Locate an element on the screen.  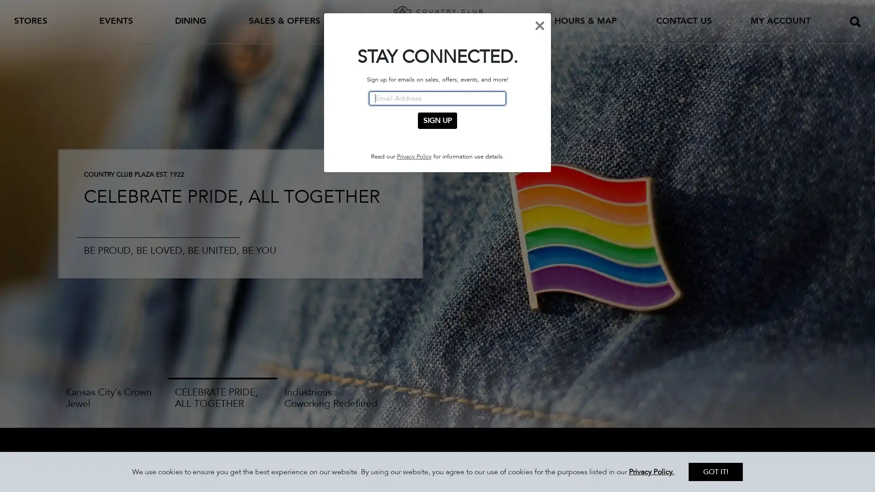
SIGN UP is located at coordinates (437, 120).